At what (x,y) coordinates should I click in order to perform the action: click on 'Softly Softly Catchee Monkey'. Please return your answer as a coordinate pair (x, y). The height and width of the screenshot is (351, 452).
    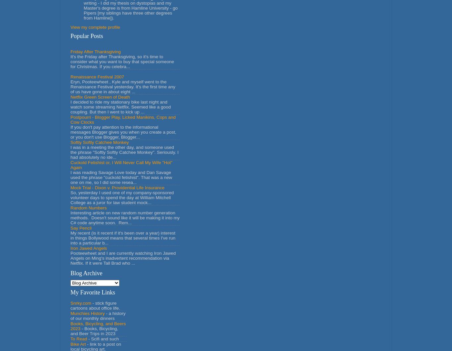
    Looking at the image, I should click on (70, 142).